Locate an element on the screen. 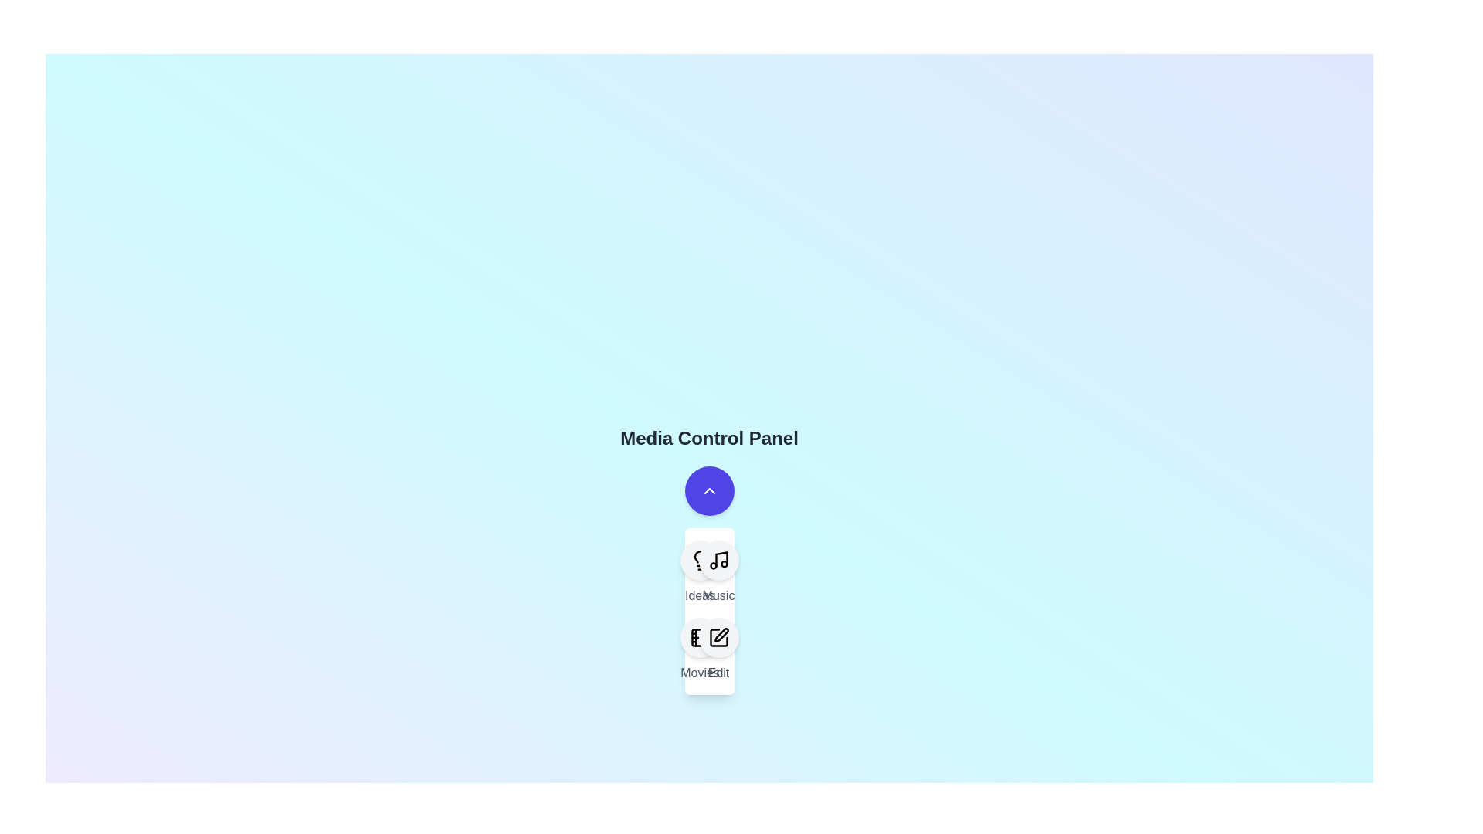 This screenshot has height=834, width=1483. the menu item labeled Ideas is located at coordinates (699, 572).